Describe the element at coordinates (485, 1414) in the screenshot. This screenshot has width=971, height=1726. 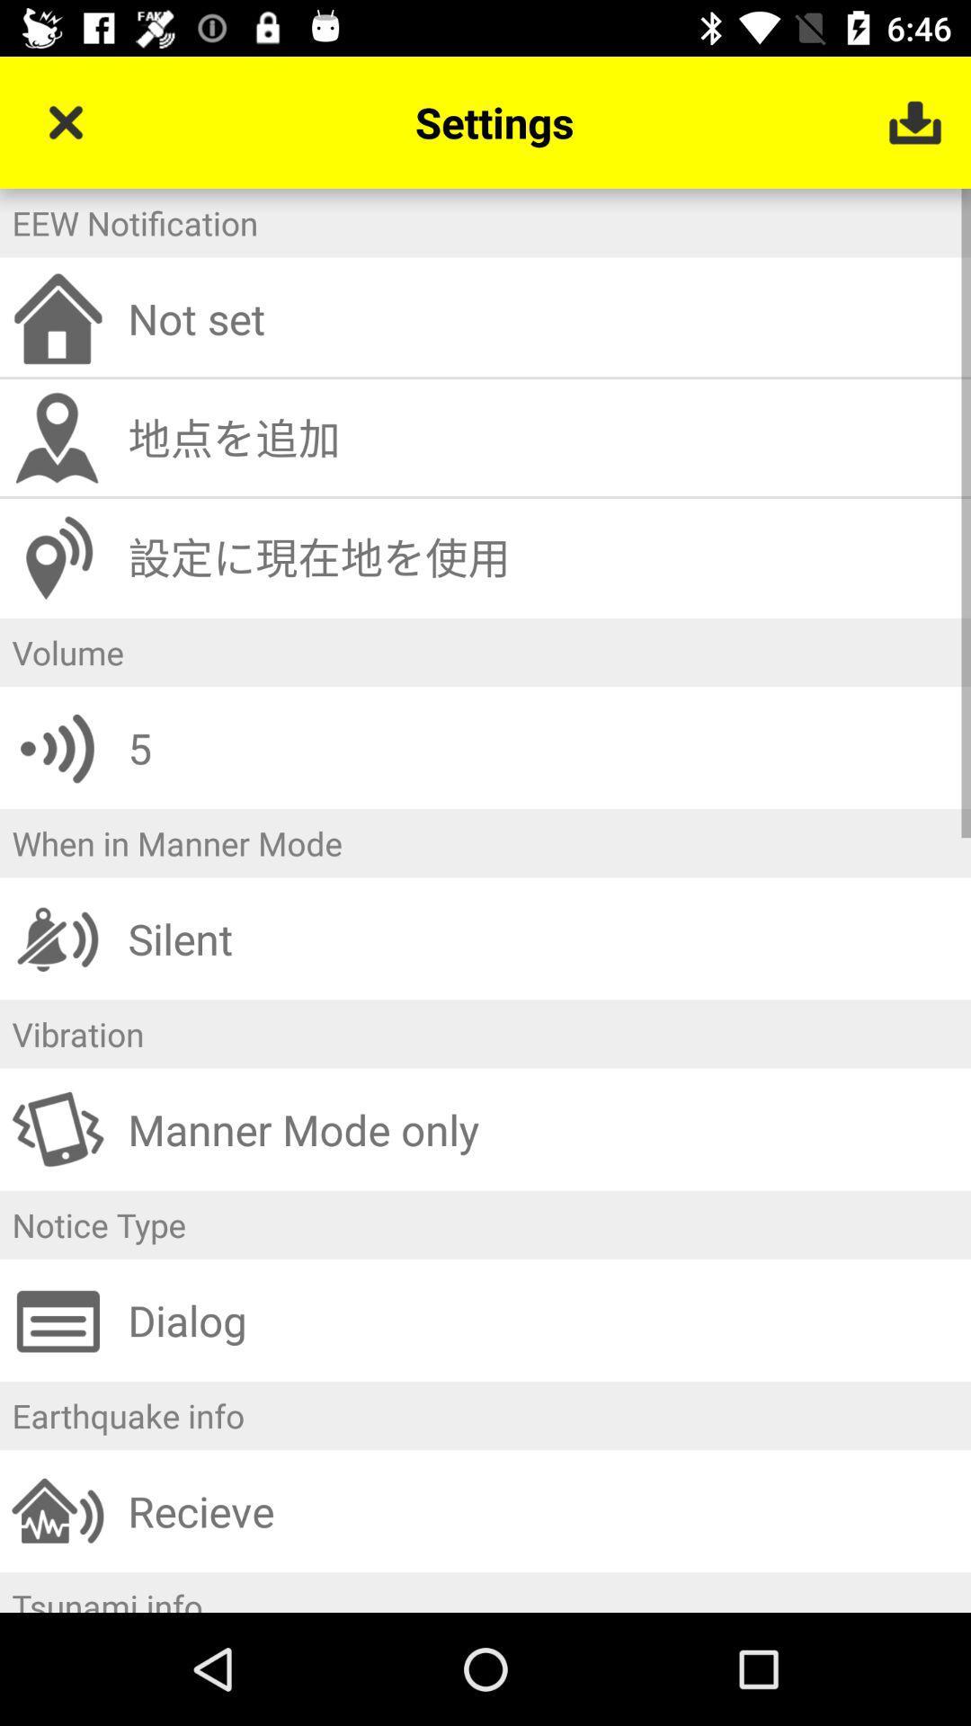
I see `the earthquake info item` at that location.